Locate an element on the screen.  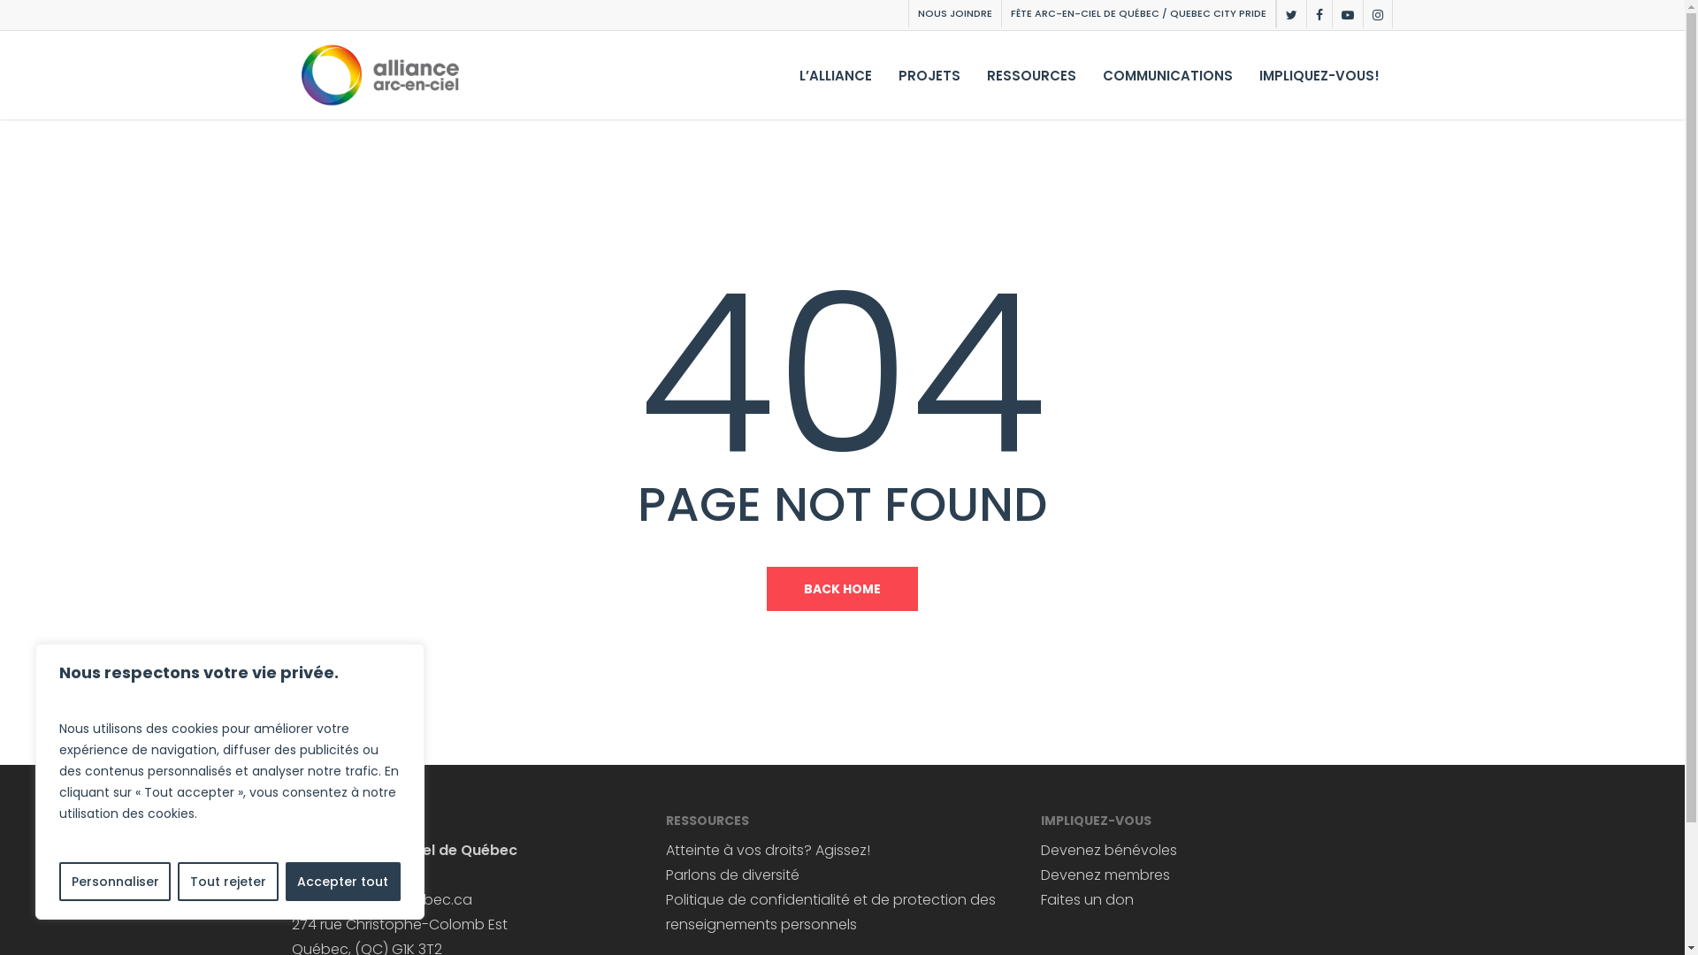
'TWITTER' is located at coordinates (1290, 13).